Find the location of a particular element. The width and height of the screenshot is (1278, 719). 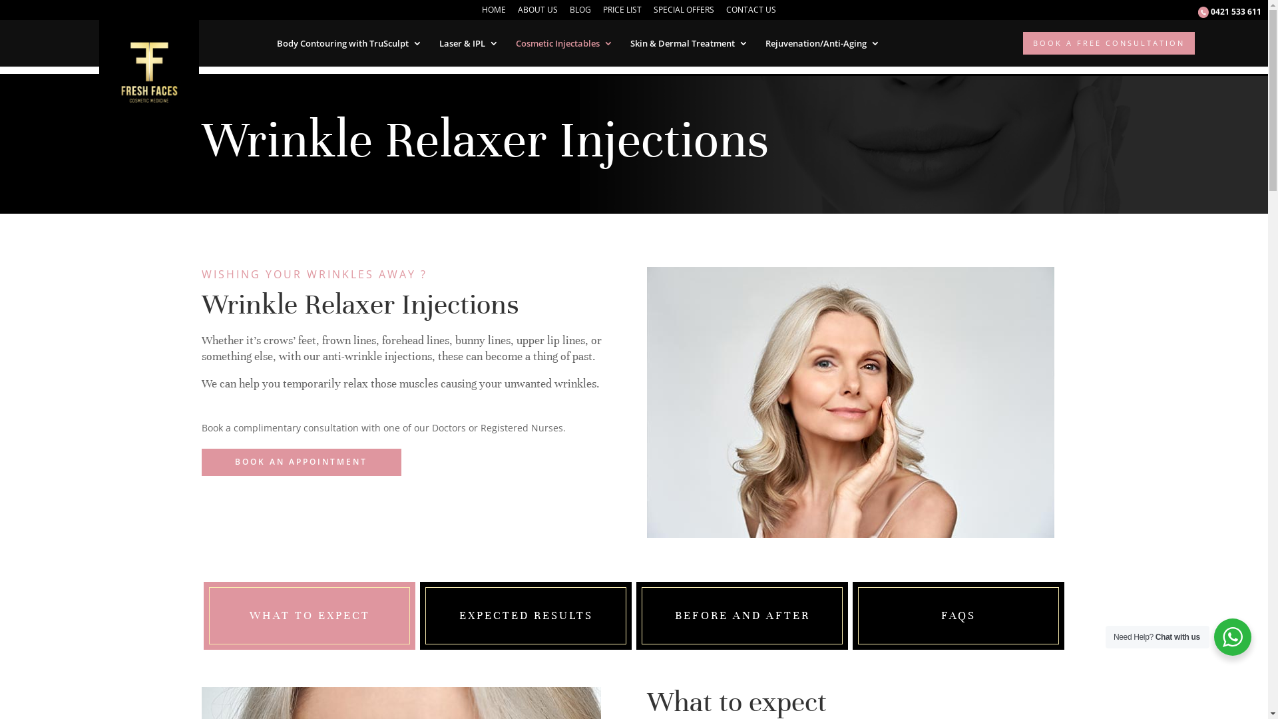

'PRICE LIST' is located at coordinates (602, 13).